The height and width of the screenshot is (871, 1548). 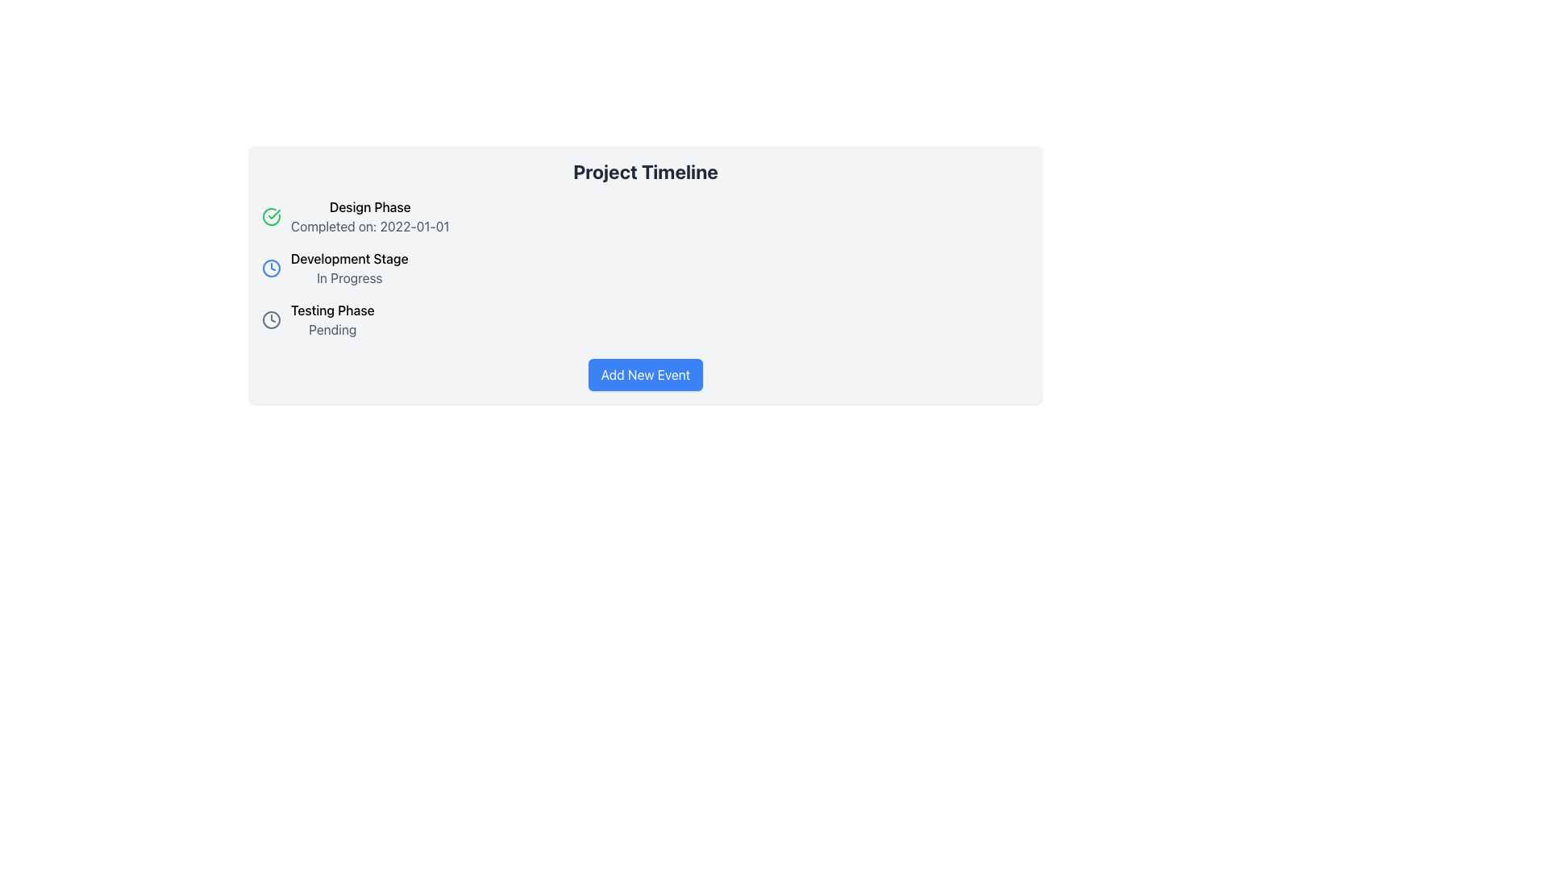 What do you see at coordinates (646, 375) in the screenshot?
I see `the blue rectangular button with rounded corners and white text reading 'Add New Event' located below the list of phases in the 'Project Timeline' section` at bounding box center [646, 375].